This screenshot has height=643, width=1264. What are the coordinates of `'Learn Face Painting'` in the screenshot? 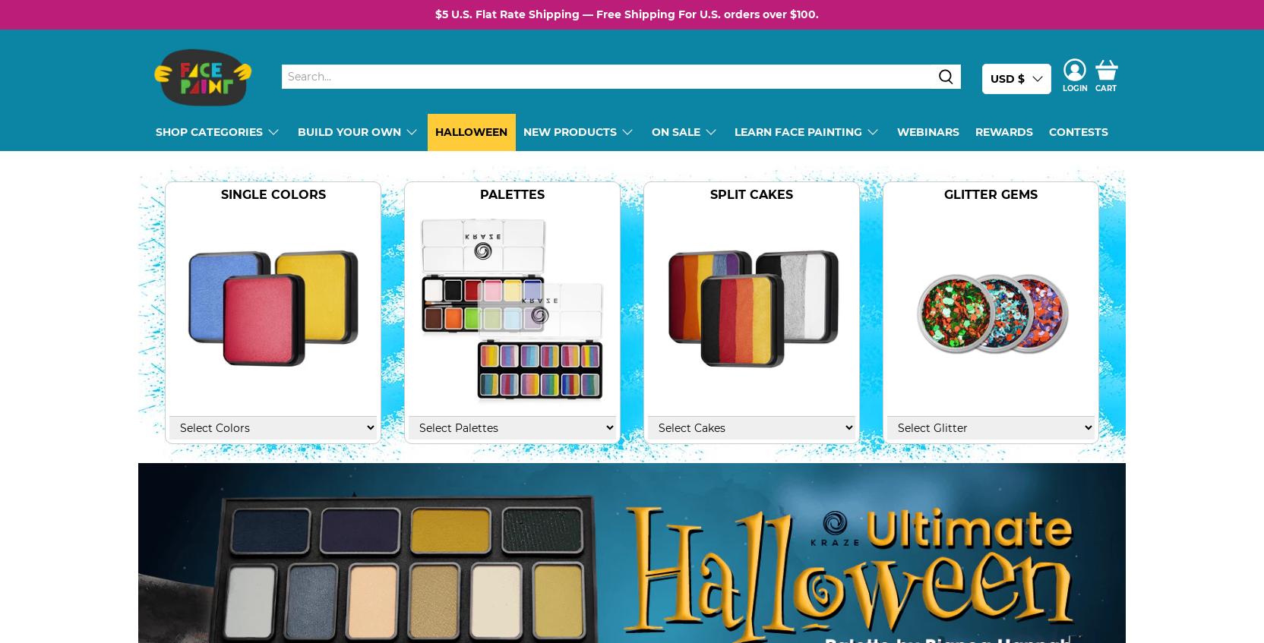 It's located at (798, 131).